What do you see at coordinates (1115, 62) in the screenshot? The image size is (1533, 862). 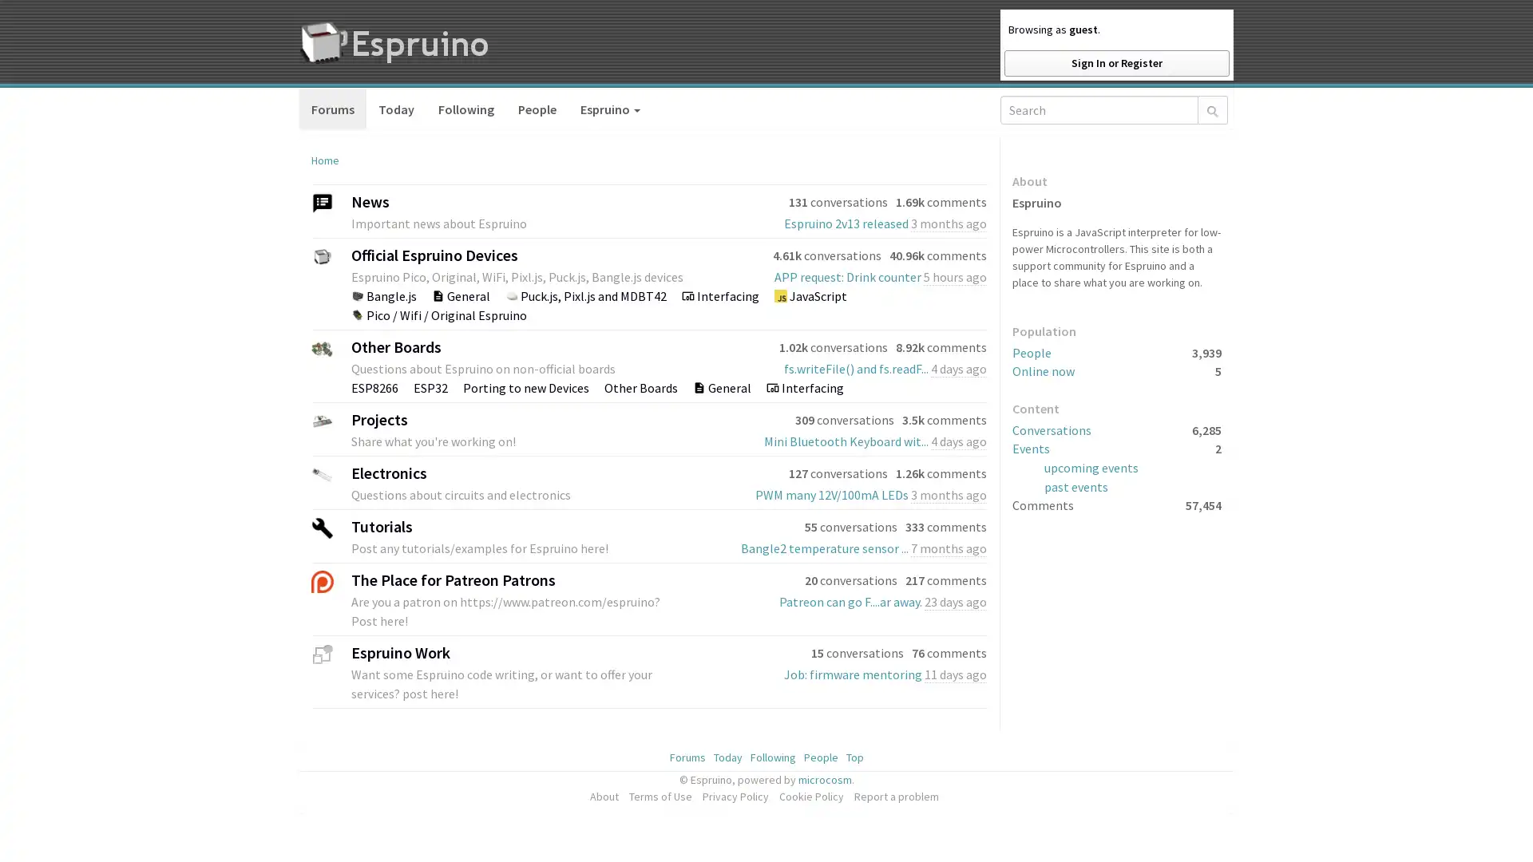 I see `Sign In or Register` at bounding box center [1115, 62].